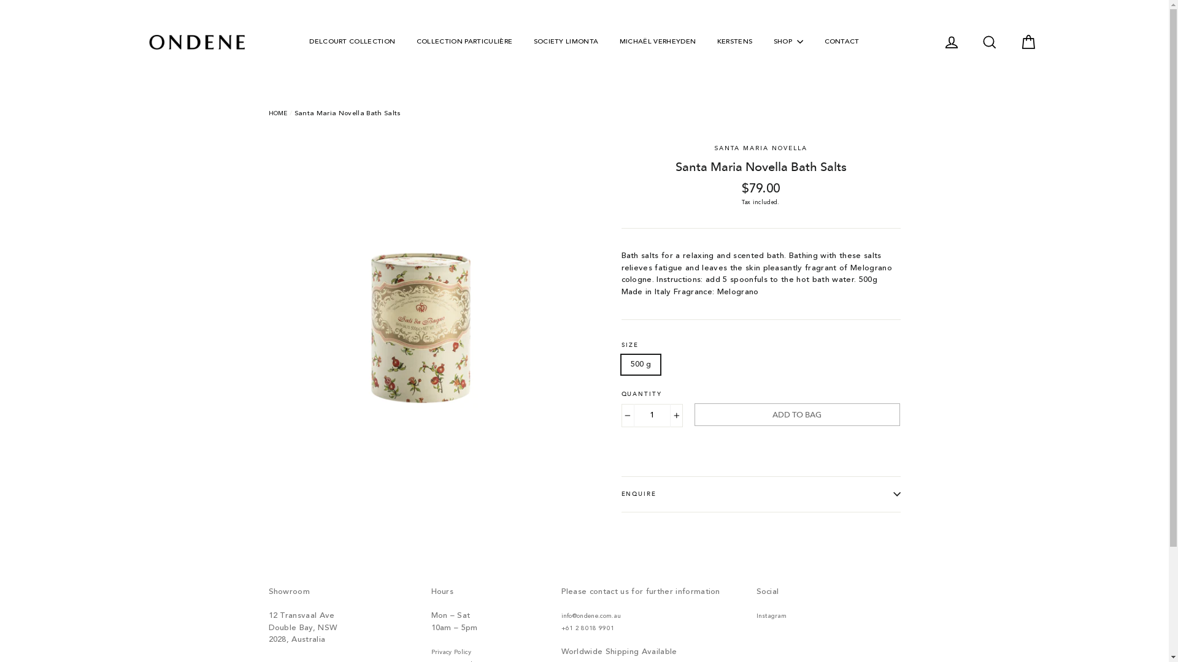 This screenshot has height=662, width=1178. What do you see at coordinates (989, 42) in the screenshot?
I see `'Search'` at bounding box center [989, 42].